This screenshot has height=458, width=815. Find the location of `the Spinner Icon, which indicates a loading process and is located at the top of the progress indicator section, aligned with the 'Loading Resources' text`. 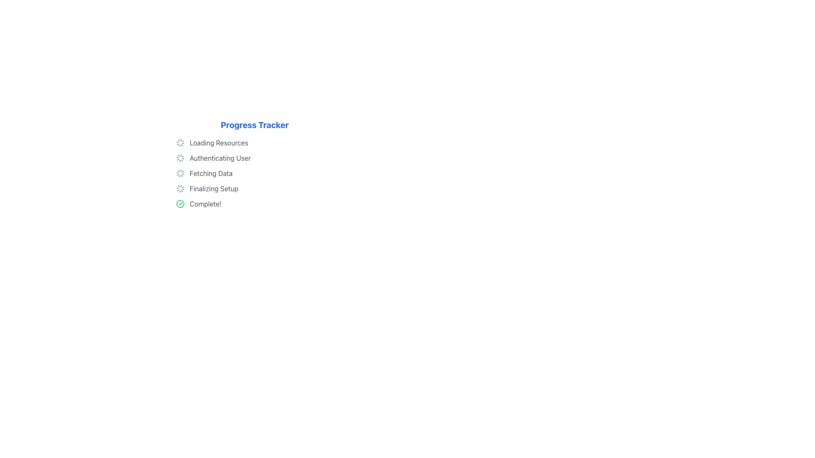

the Spinner Icon, which indicates a loading process and is located at the top of the progress indicator section, aligned with the 'Loading Resources' text is located at coordinates (180, 142).